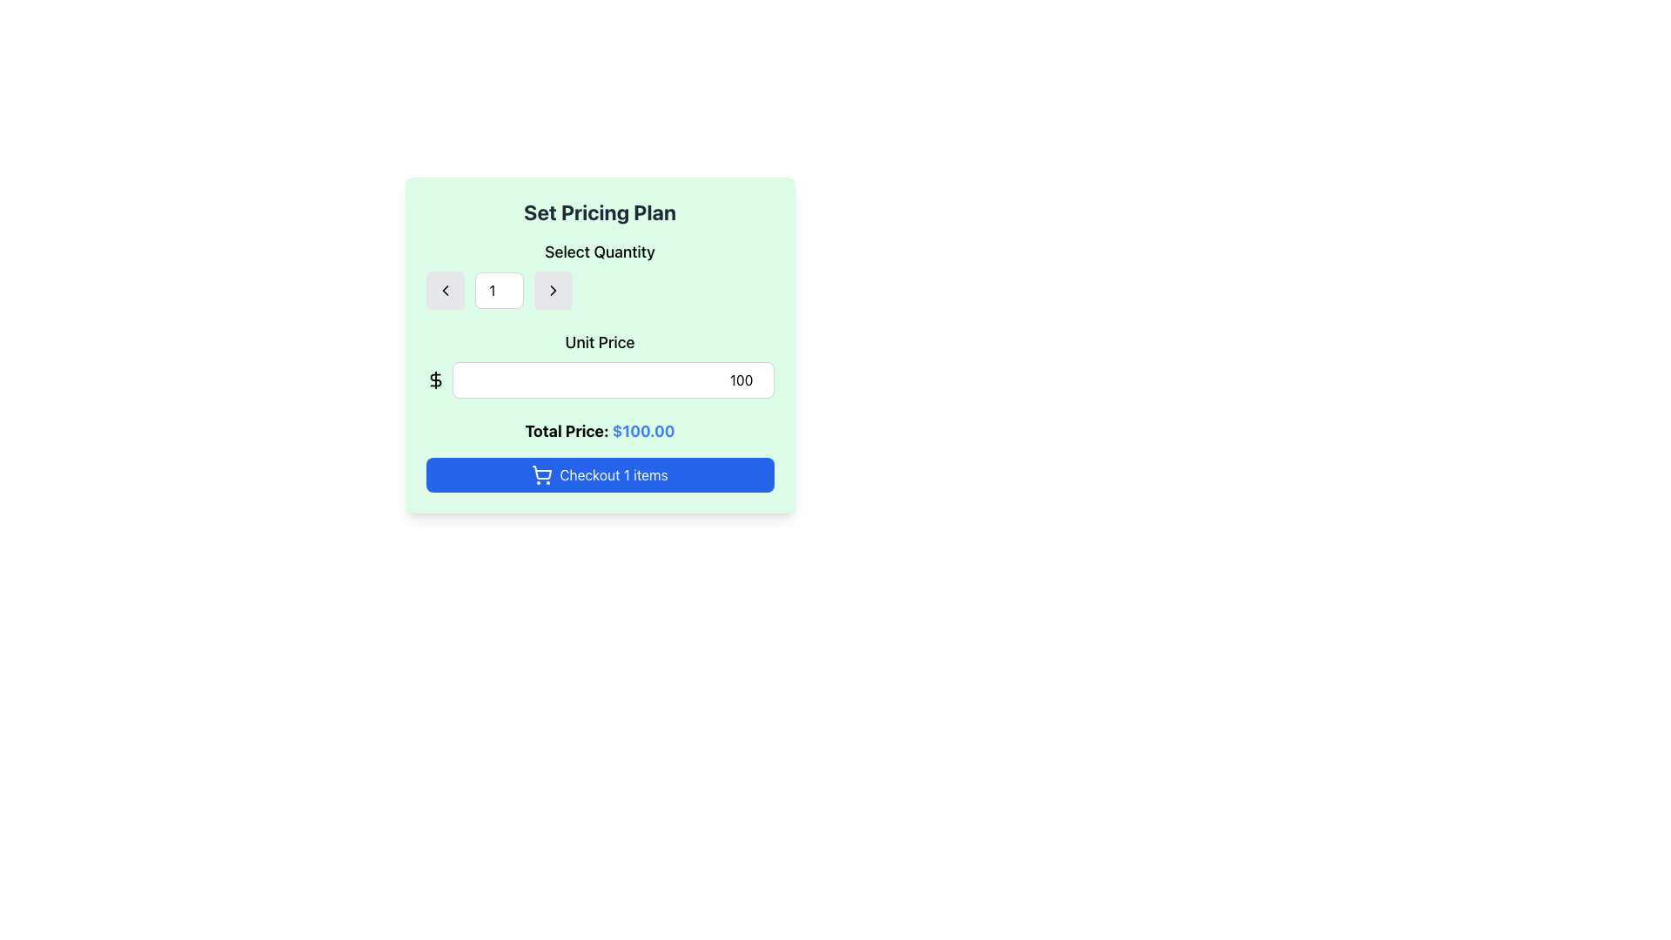 The image size is (1671, 940). What do you see at coordinates (552, 290) in the screenshot?
I see `the increment button positioned to the right of the numeric input box to increase the displayed value` at bounding box center [552, 290].